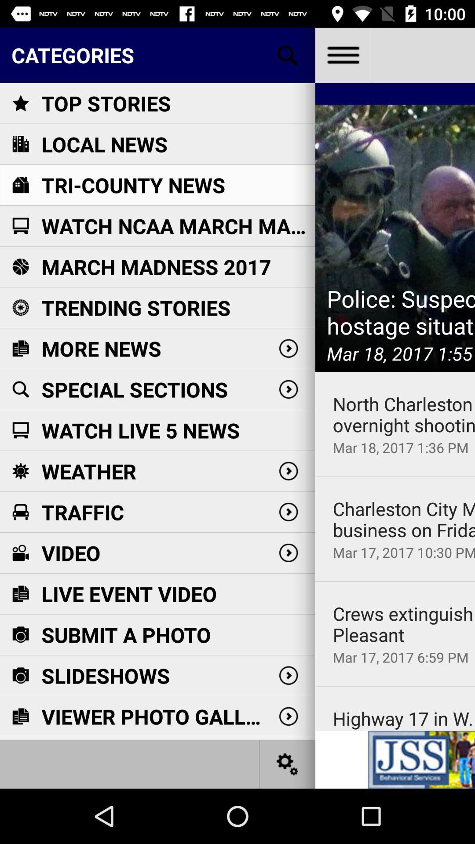 The height and width of the screenshot is (844, 475). I want to click on settings option, so click(288, 764).